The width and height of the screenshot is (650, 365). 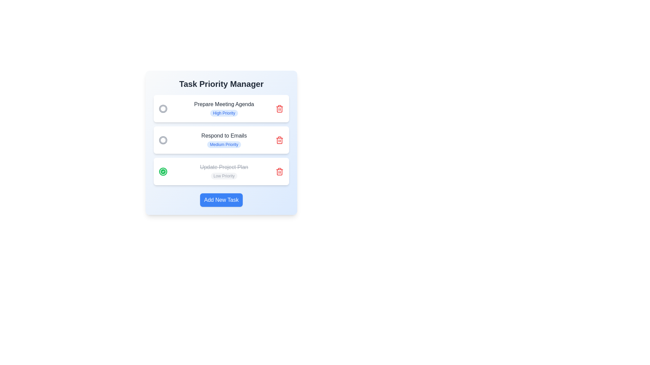 What do you see at coordinates (163, 171) in the screenshot?
I see `the decorative circle element of the 'Update Project Plan' task icon, which is part of the approval checkmark design` at bounding box center [163, 171].